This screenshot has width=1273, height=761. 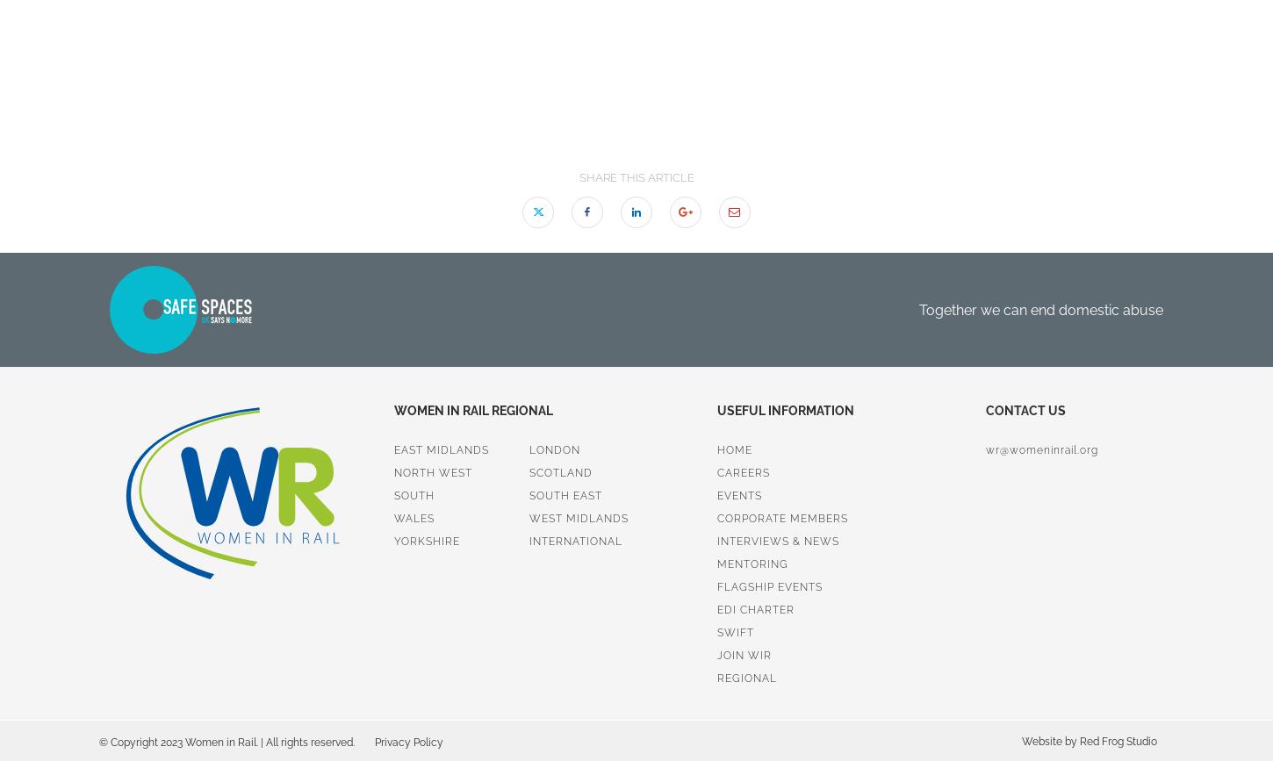 I want to click on 'Women in Rail regional', so click(x=473, y=410).